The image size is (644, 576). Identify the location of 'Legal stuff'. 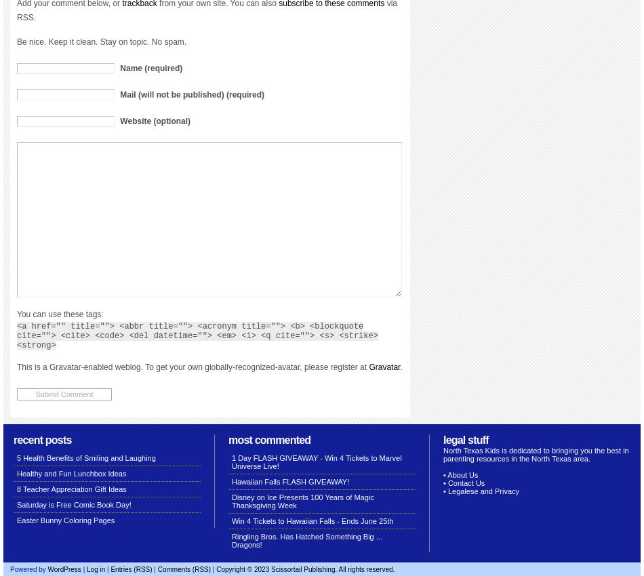
(443, 440).